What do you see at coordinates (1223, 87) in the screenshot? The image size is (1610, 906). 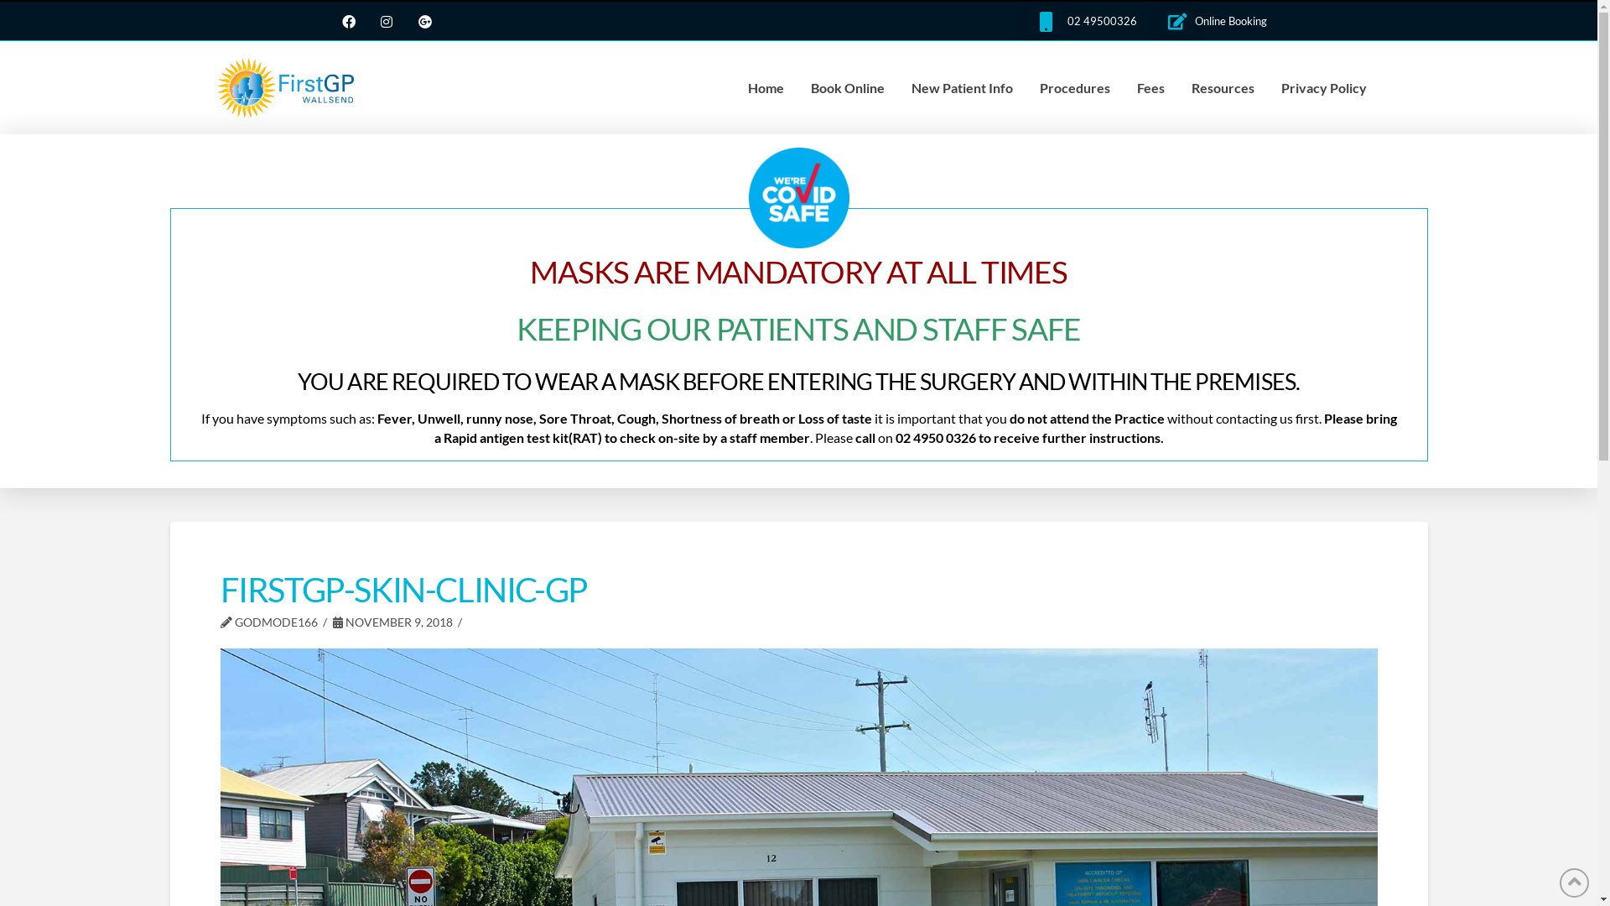 I see `'Resources'` at bounding box center [1223, 87].